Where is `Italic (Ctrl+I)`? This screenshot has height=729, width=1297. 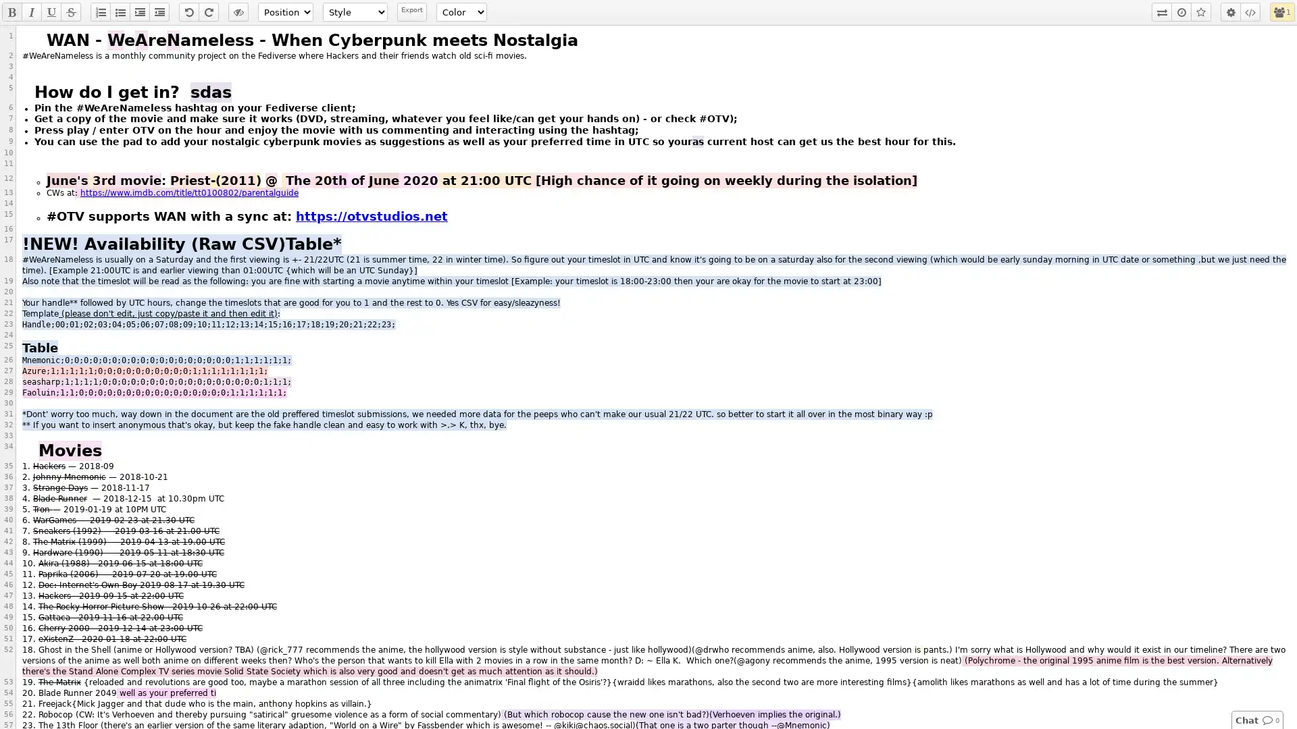 Italic (Ctrl+I) is located at coordinates (32, 12).